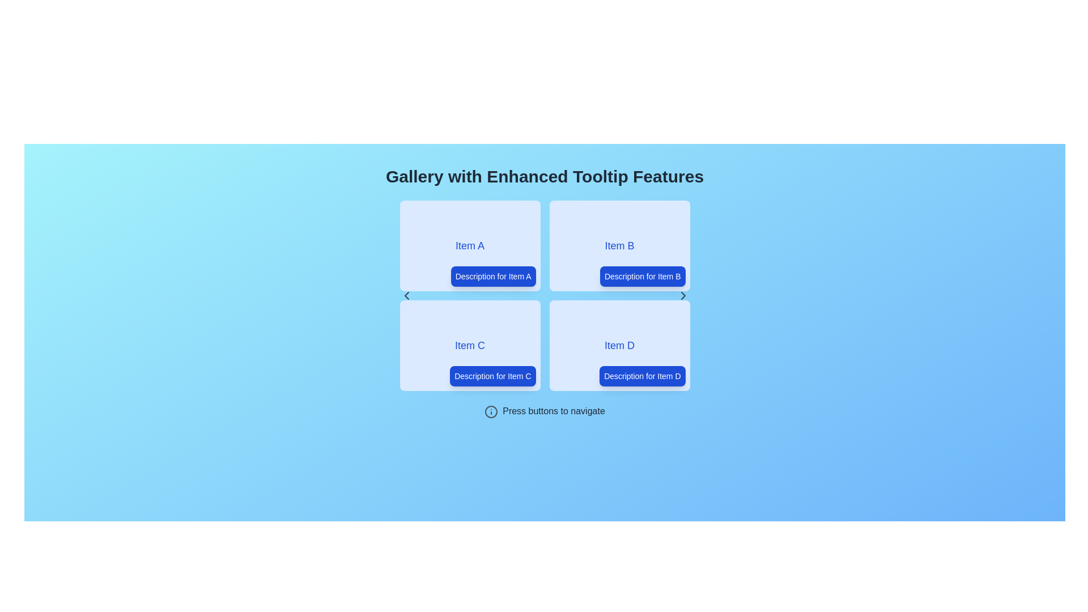 This screenshot has width=1088, height=612. What do you see at coordinates (492, 376) in the screenshot?
I see `the button located at the bottom-right corner of the card titled 'Item C'` at bounding box center [492, 376].